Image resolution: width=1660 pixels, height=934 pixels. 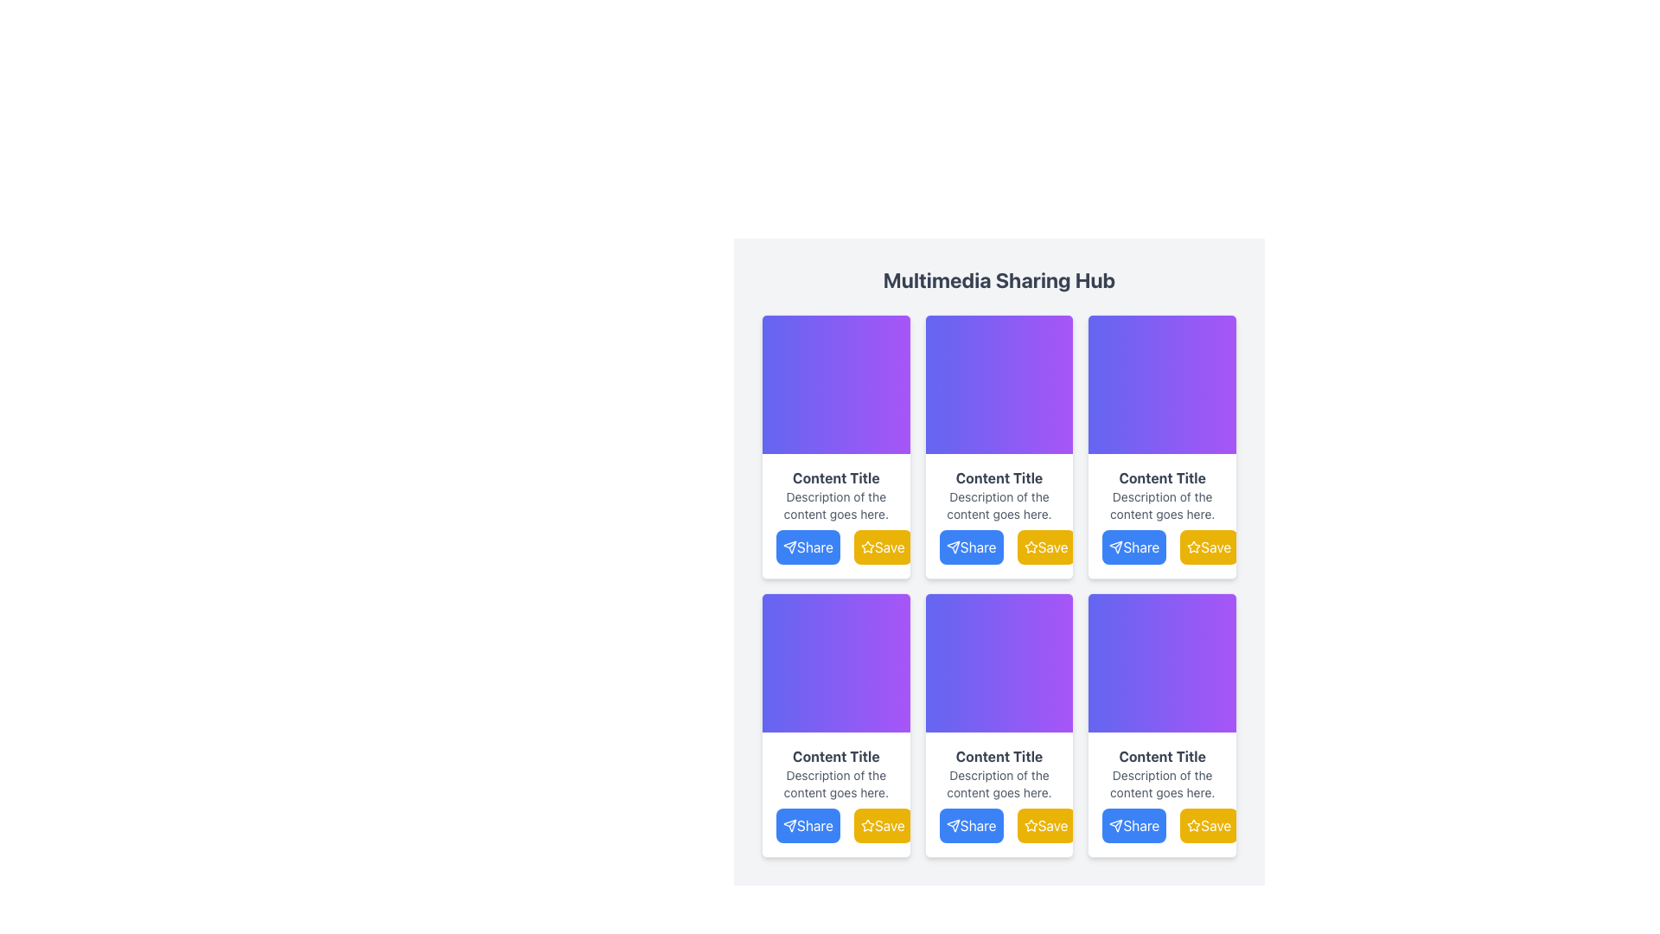 I want to click on the 'Share' button with blue background and white text, so click(x=836, y=547).